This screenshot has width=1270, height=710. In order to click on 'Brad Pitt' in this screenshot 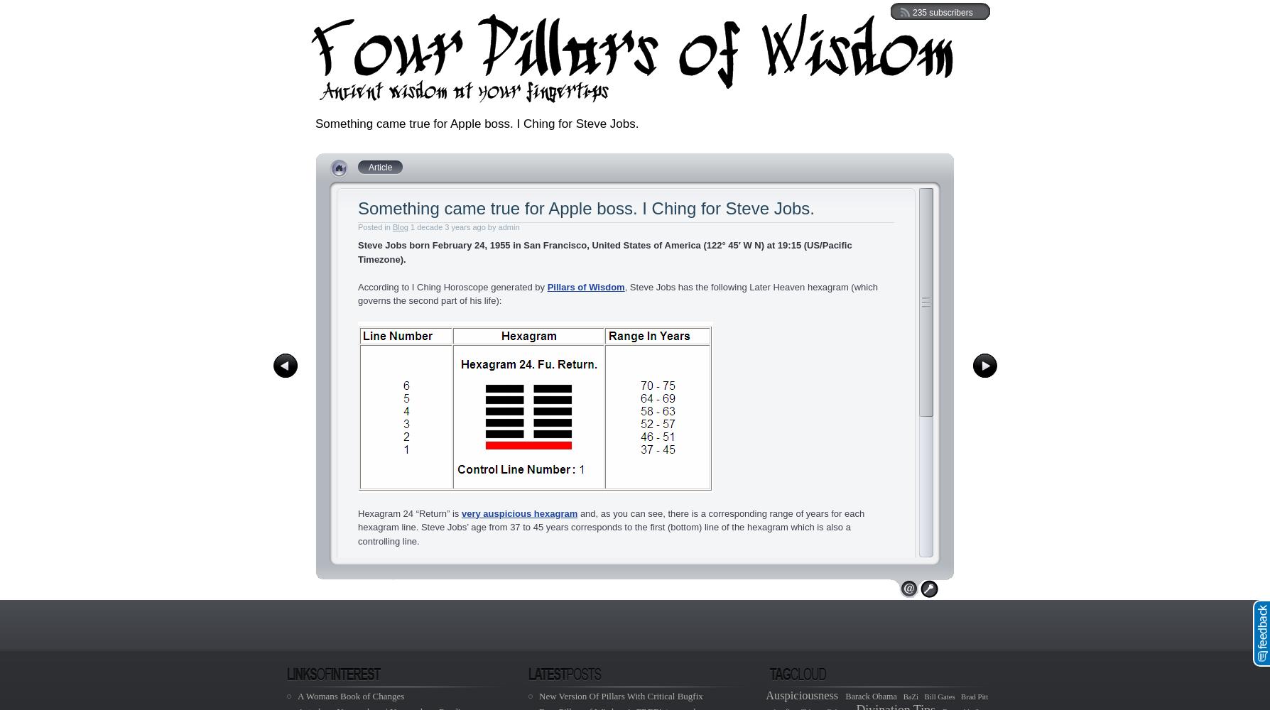, I will do `click(974, 696)`.